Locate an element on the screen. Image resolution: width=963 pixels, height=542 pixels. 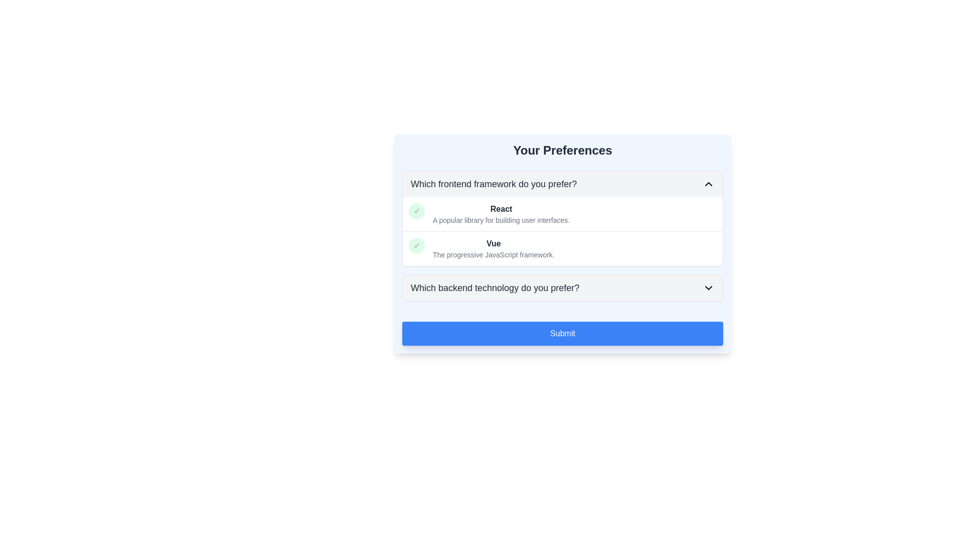
the descriptive text element located beneath the 'React' option, which provides additional information about it is located at coordinates (501, 220).